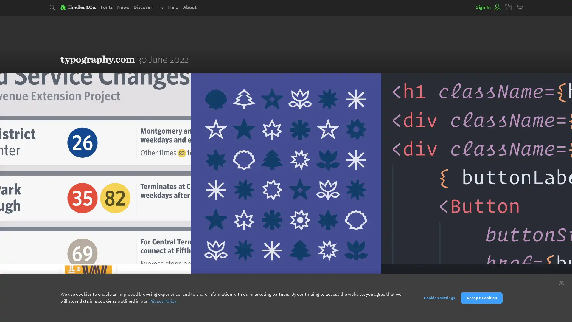  What do you see at coordinates (315, 297) in the screenshot?
I see `Be the first to hear about new fonts!` at bounding box center [315, 297].